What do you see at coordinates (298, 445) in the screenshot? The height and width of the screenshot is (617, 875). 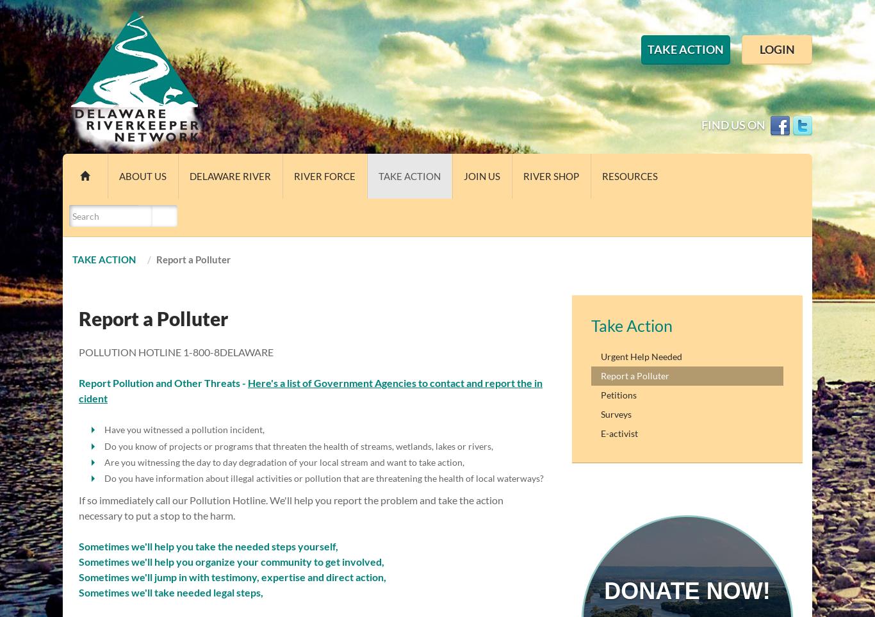 I see `'Do you know of projects or programs that threaten the health of streams, wetlands, lakes or rivers,'` at bounding box center [298, 445].